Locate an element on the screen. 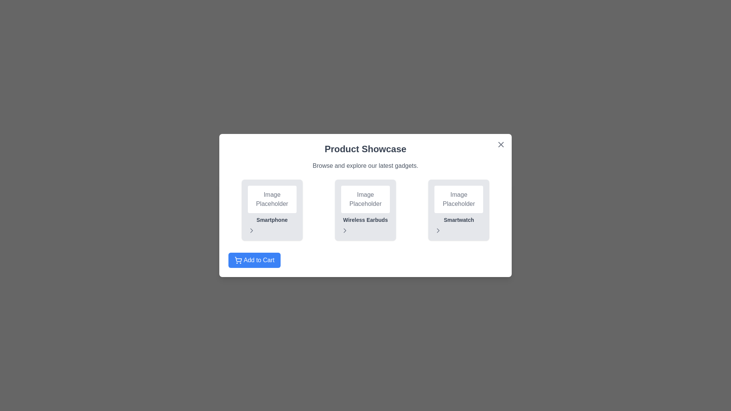 The width and height of the screenshot is (731, 411). text label displaying 'Wireless Earbuds' styled with a gray font and bold format, located beneath the product image in the central card of a three-item product showcase interface is located at coordinates (365, 220).